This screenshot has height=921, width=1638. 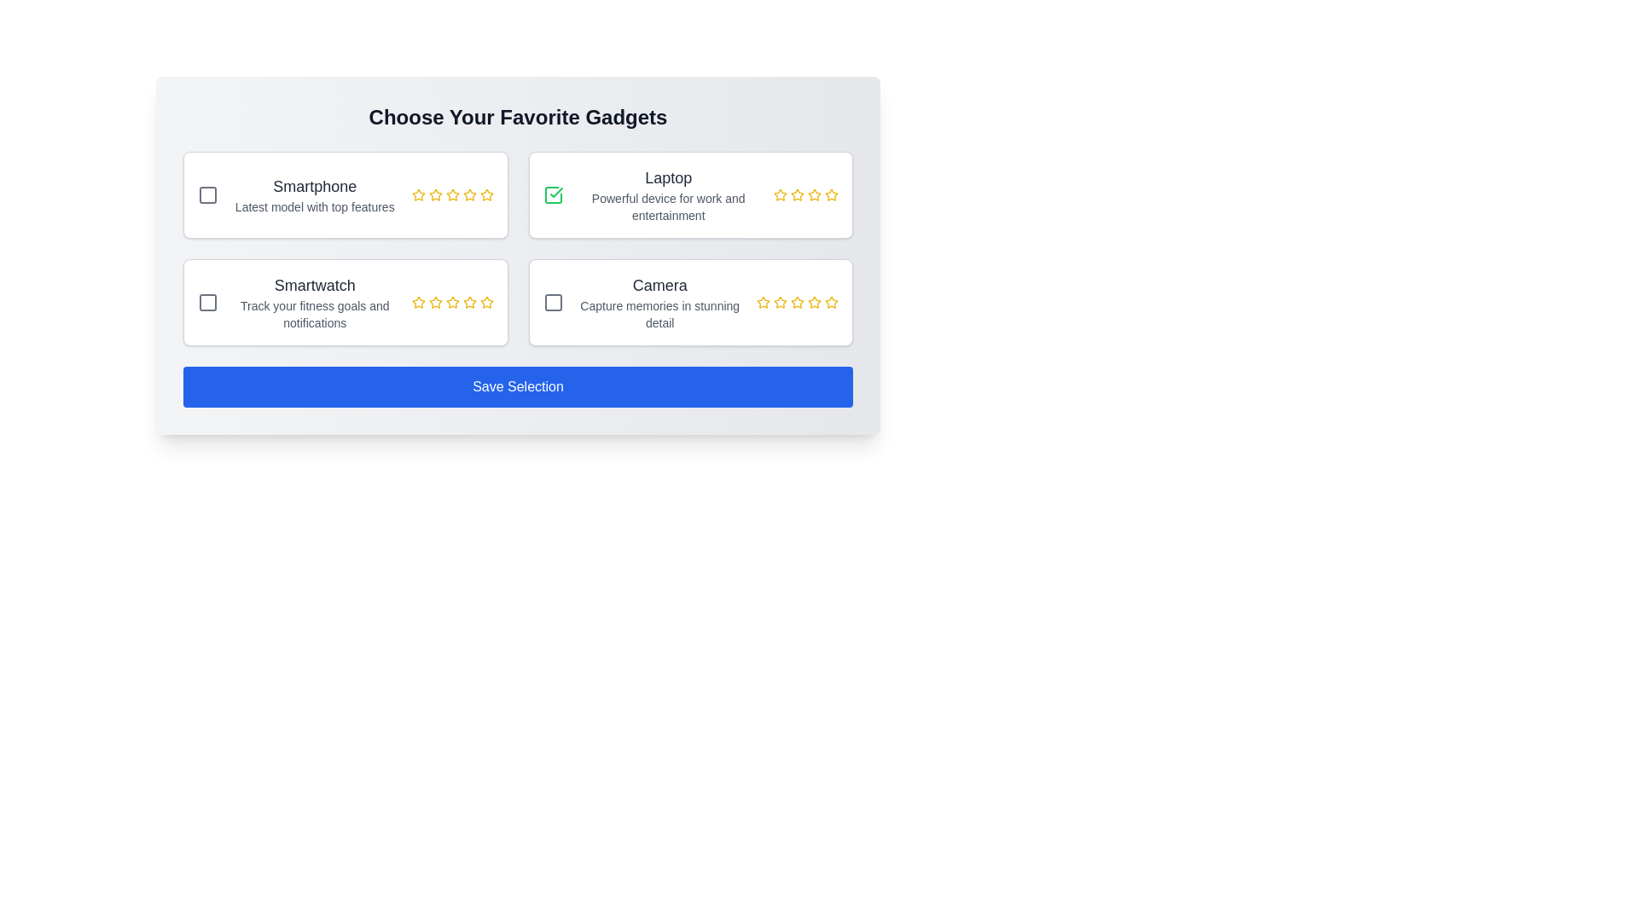 What do you see at coordinates (485, 194) in the screenshot?
I see `the fifth star icon in the star rating system for the 'Smartphone' section` at bounding box center [485, 194].